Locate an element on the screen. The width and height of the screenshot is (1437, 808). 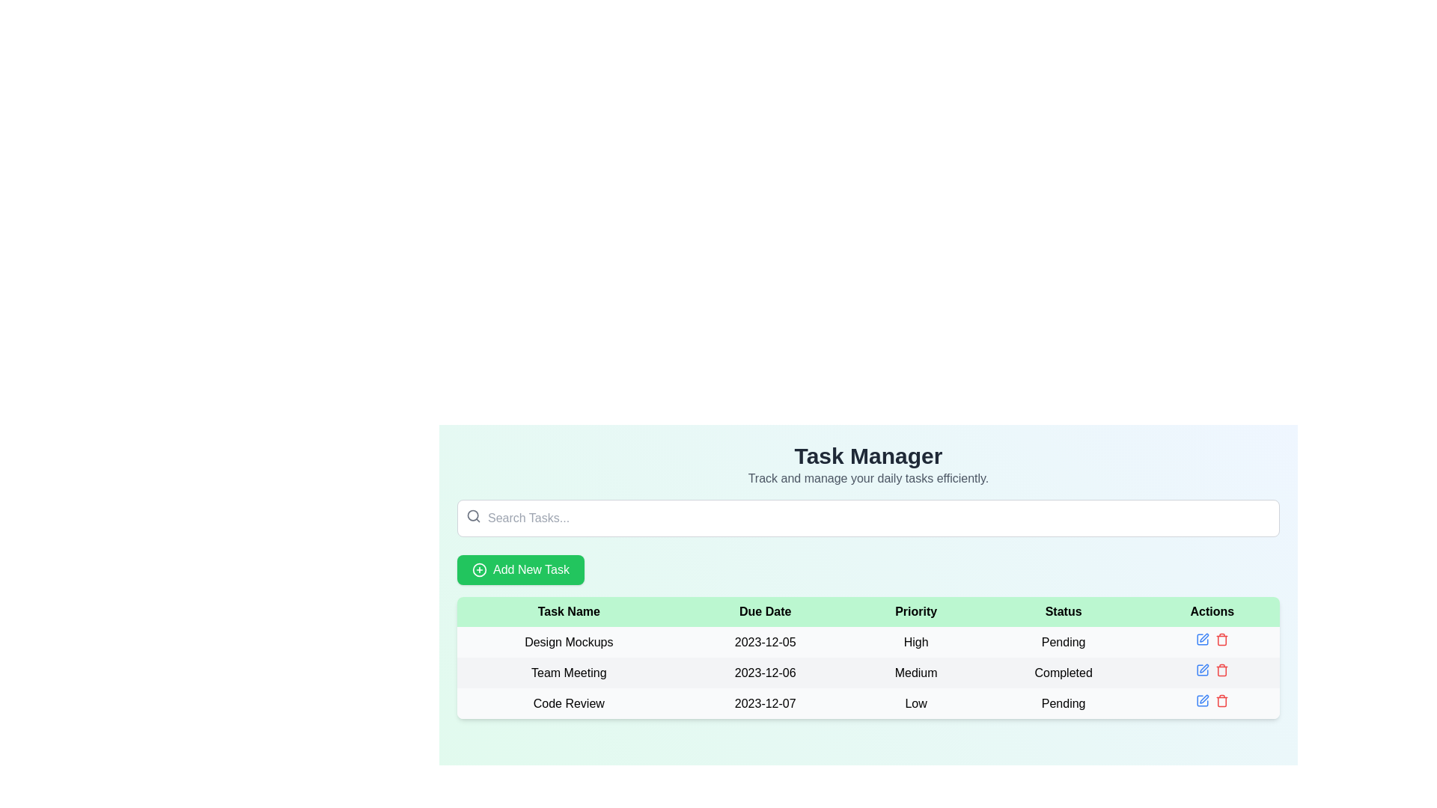
the Text Label that serves as a column header for priority level tasks in the table, located in the third column between 'Due Date' and 'Status' is located at coordinates (915, 611).